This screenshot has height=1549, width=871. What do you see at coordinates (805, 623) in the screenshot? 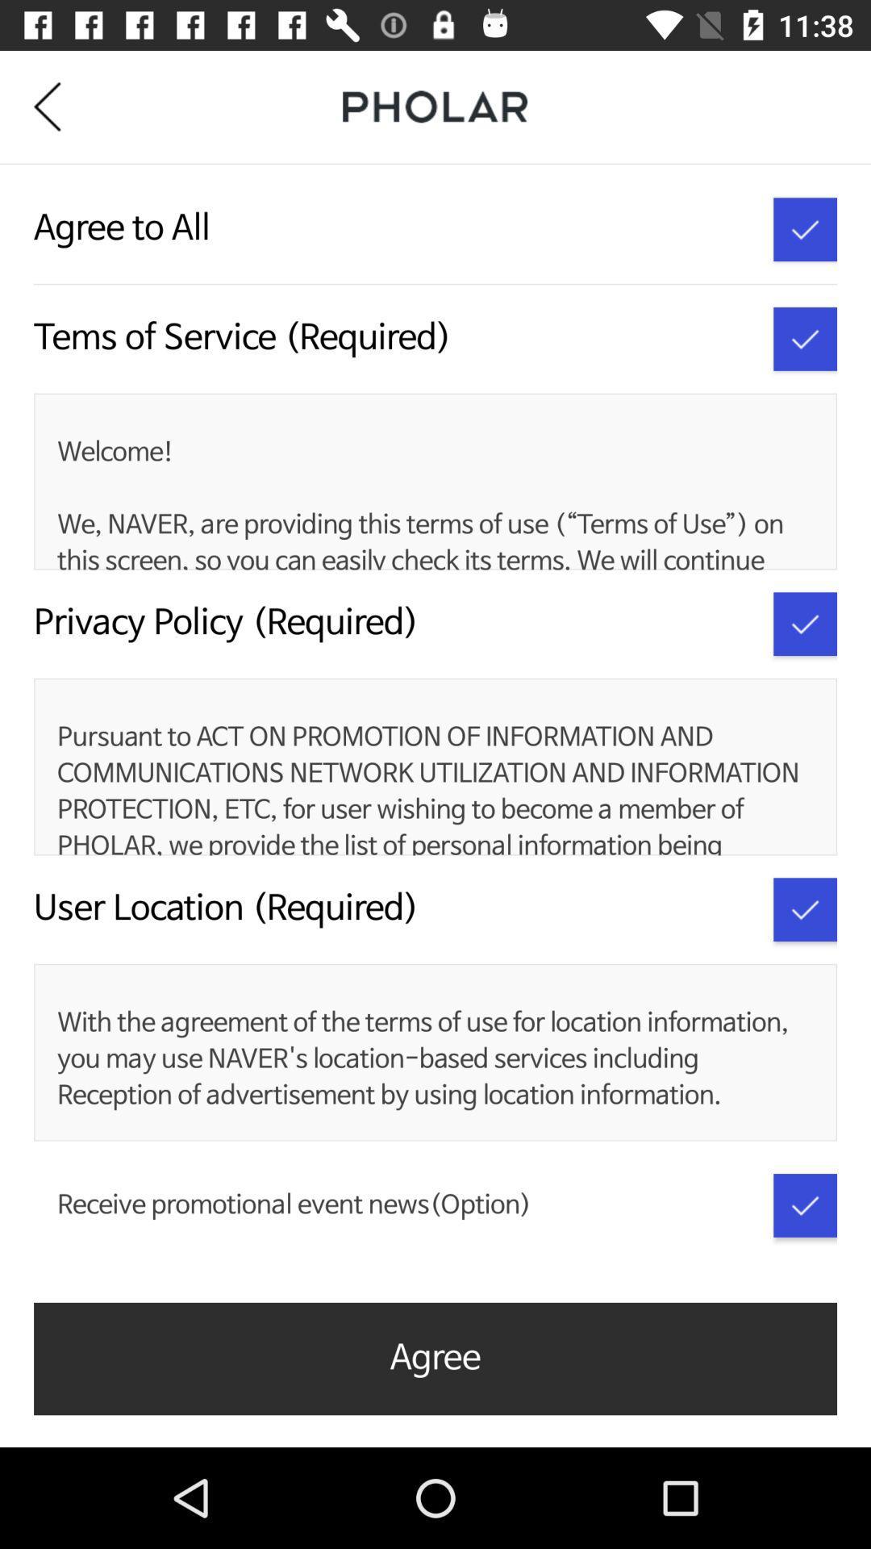
I see `policy option` at bounding box center [805, 623].